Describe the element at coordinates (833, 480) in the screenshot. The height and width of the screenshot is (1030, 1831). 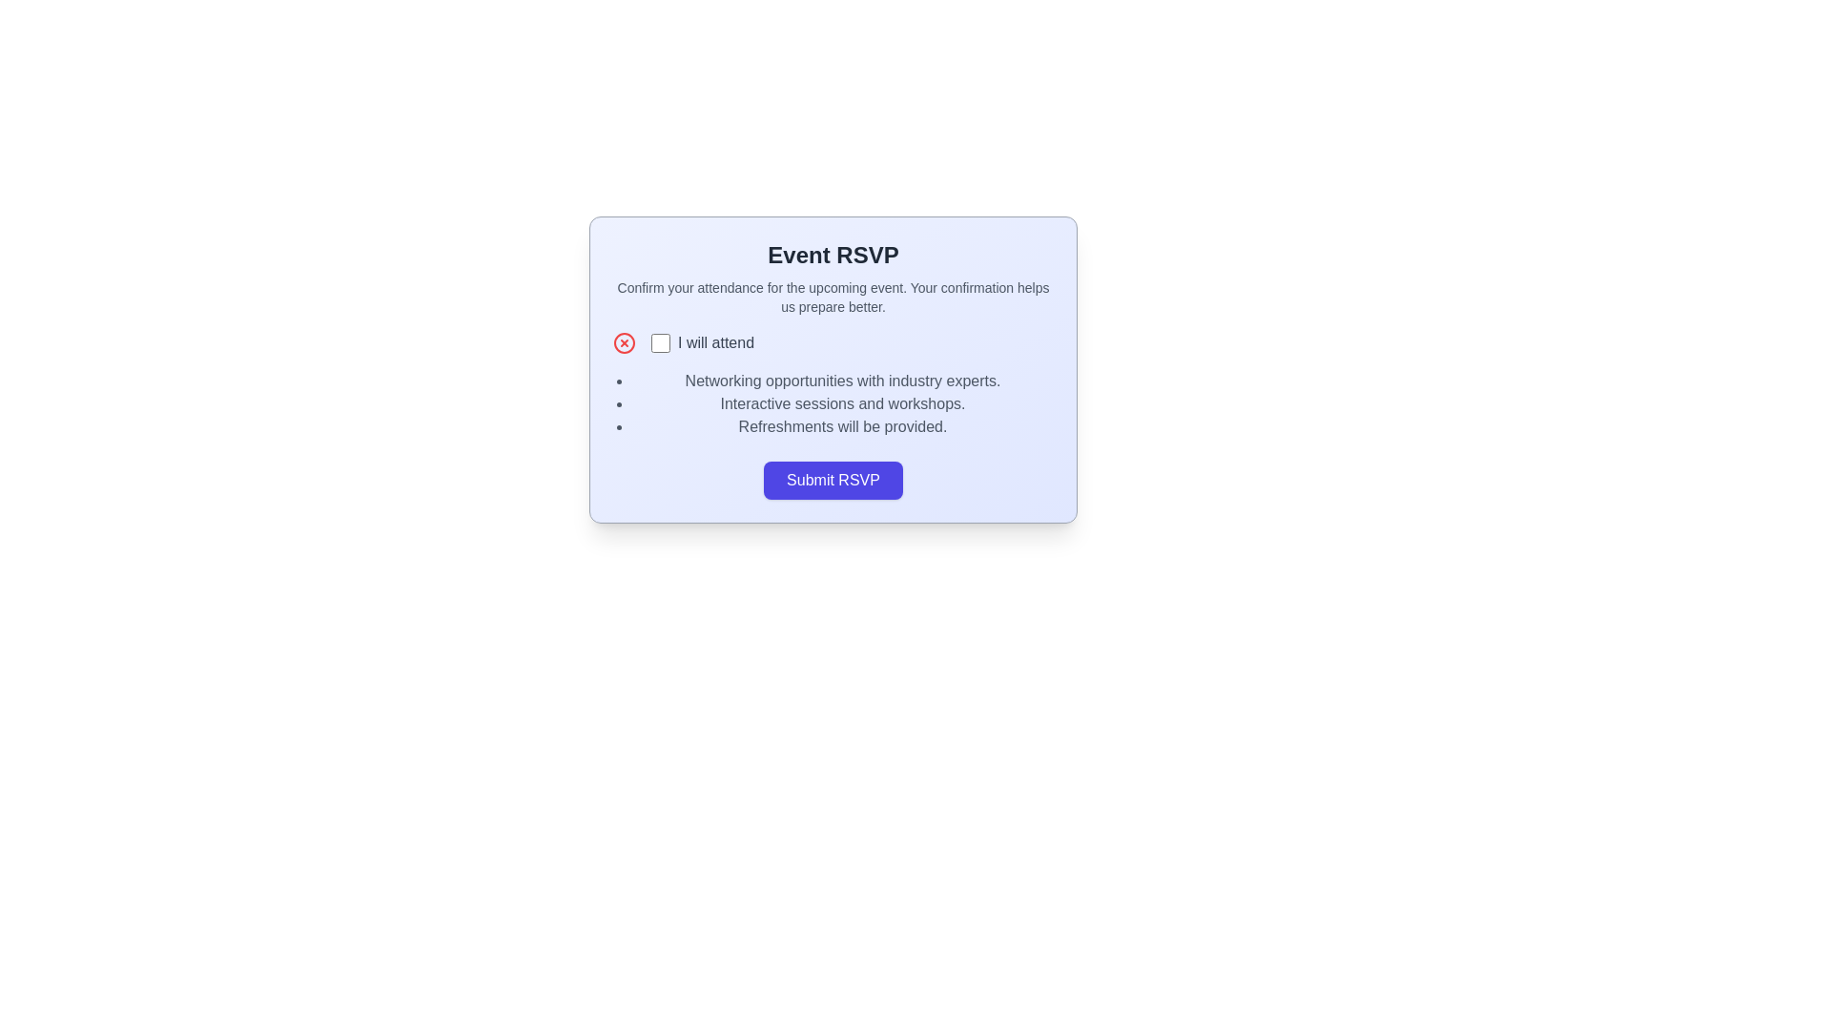
I see `the rectangular button with rounded corners and a purple background labeled 'Submit RSVP' to observe any hover effects` at that location.